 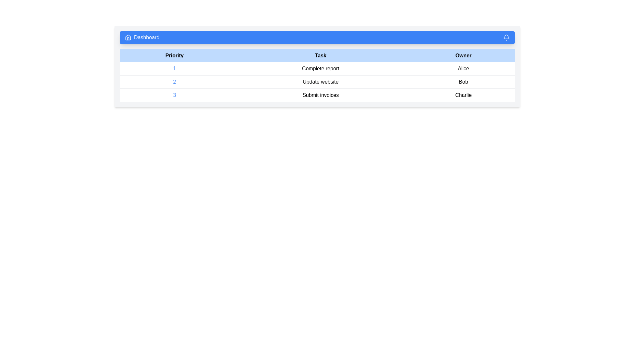 I want to click on the header row of the table that labels columns for 'Priority', 'Task', and 'Owner', so click(x=317, y=55).